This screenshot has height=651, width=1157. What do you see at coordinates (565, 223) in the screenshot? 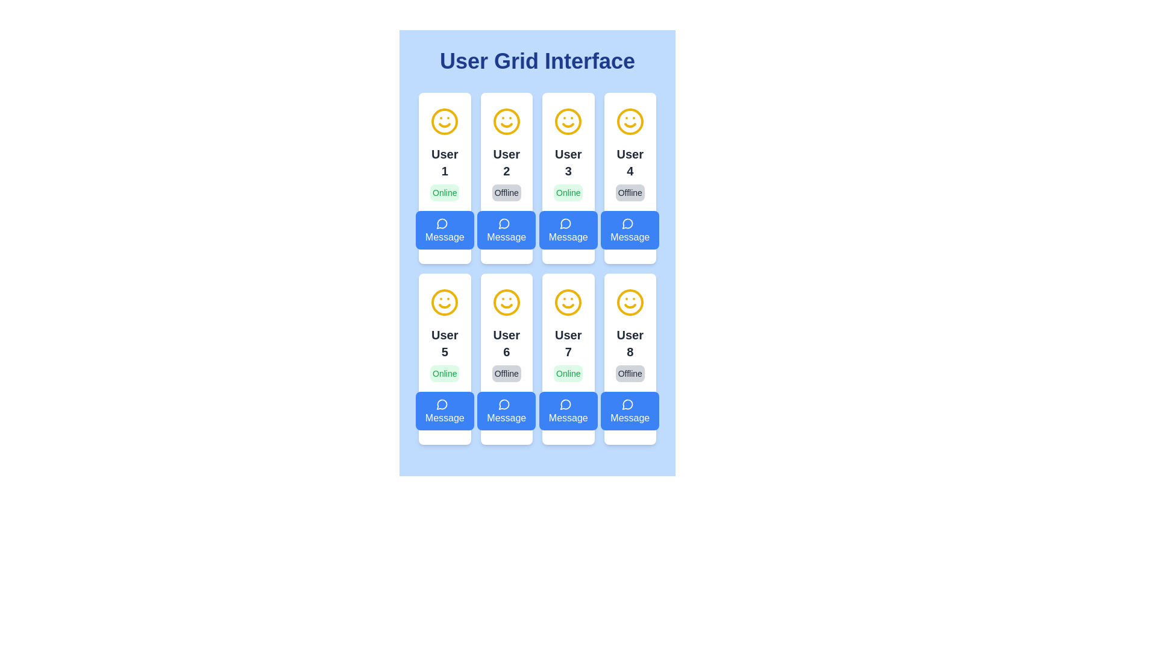
I see `the messaging icon within the 'Message' button located underneath the profile of 'User 3' in the grid layout` at bounding box center [565, 223].